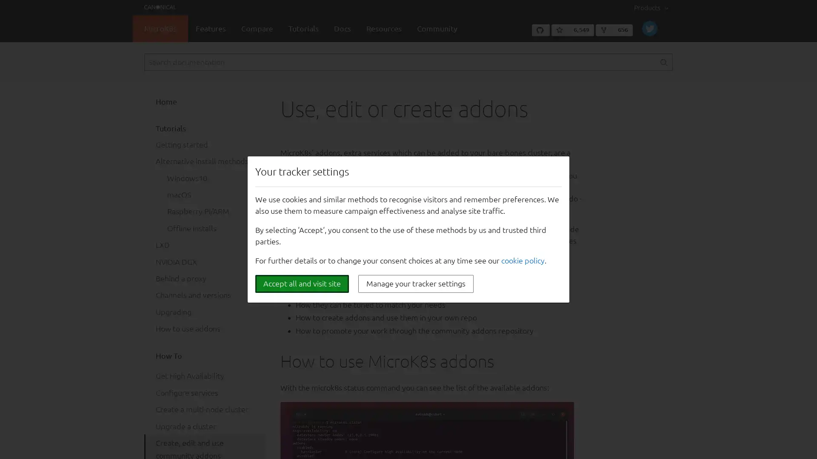 This screenshot has width=817, height=459. Describe the element at coordinates (302, 283) in the screenshot. I see `Accept all and visit site` at that location.